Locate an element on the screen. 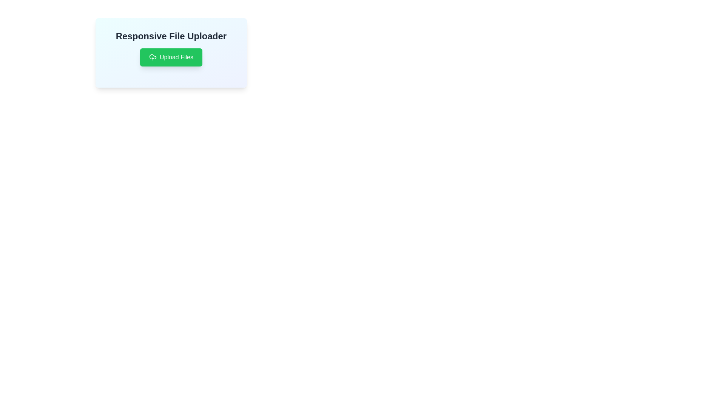 This screenshot has width=725, height=408. the 'Upload Files' button which contains the leftmost icon representing file upload is located at coordinates (153, 57).